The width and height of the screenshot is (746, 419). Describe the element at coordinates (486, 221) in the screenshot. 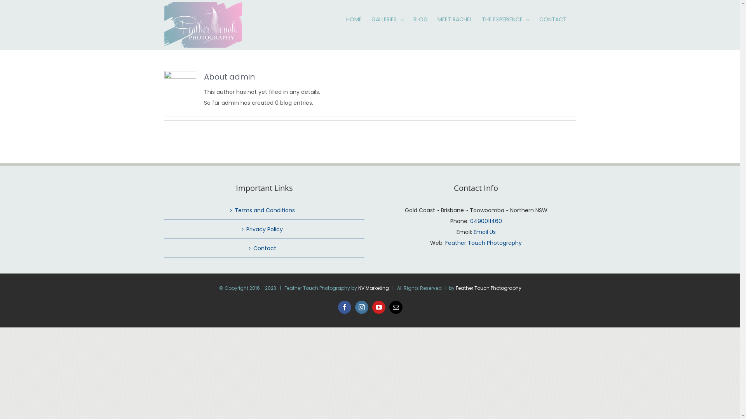

I see `'0490011460'` at that location.